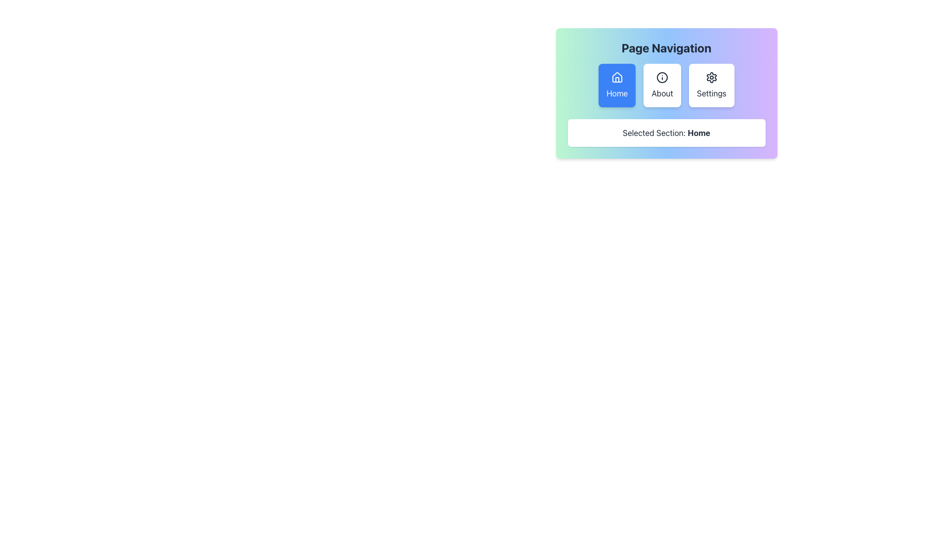 The width and height of the screenshot is (949, 534). I want to click on the 'Home' button icon, so click(616, 77).